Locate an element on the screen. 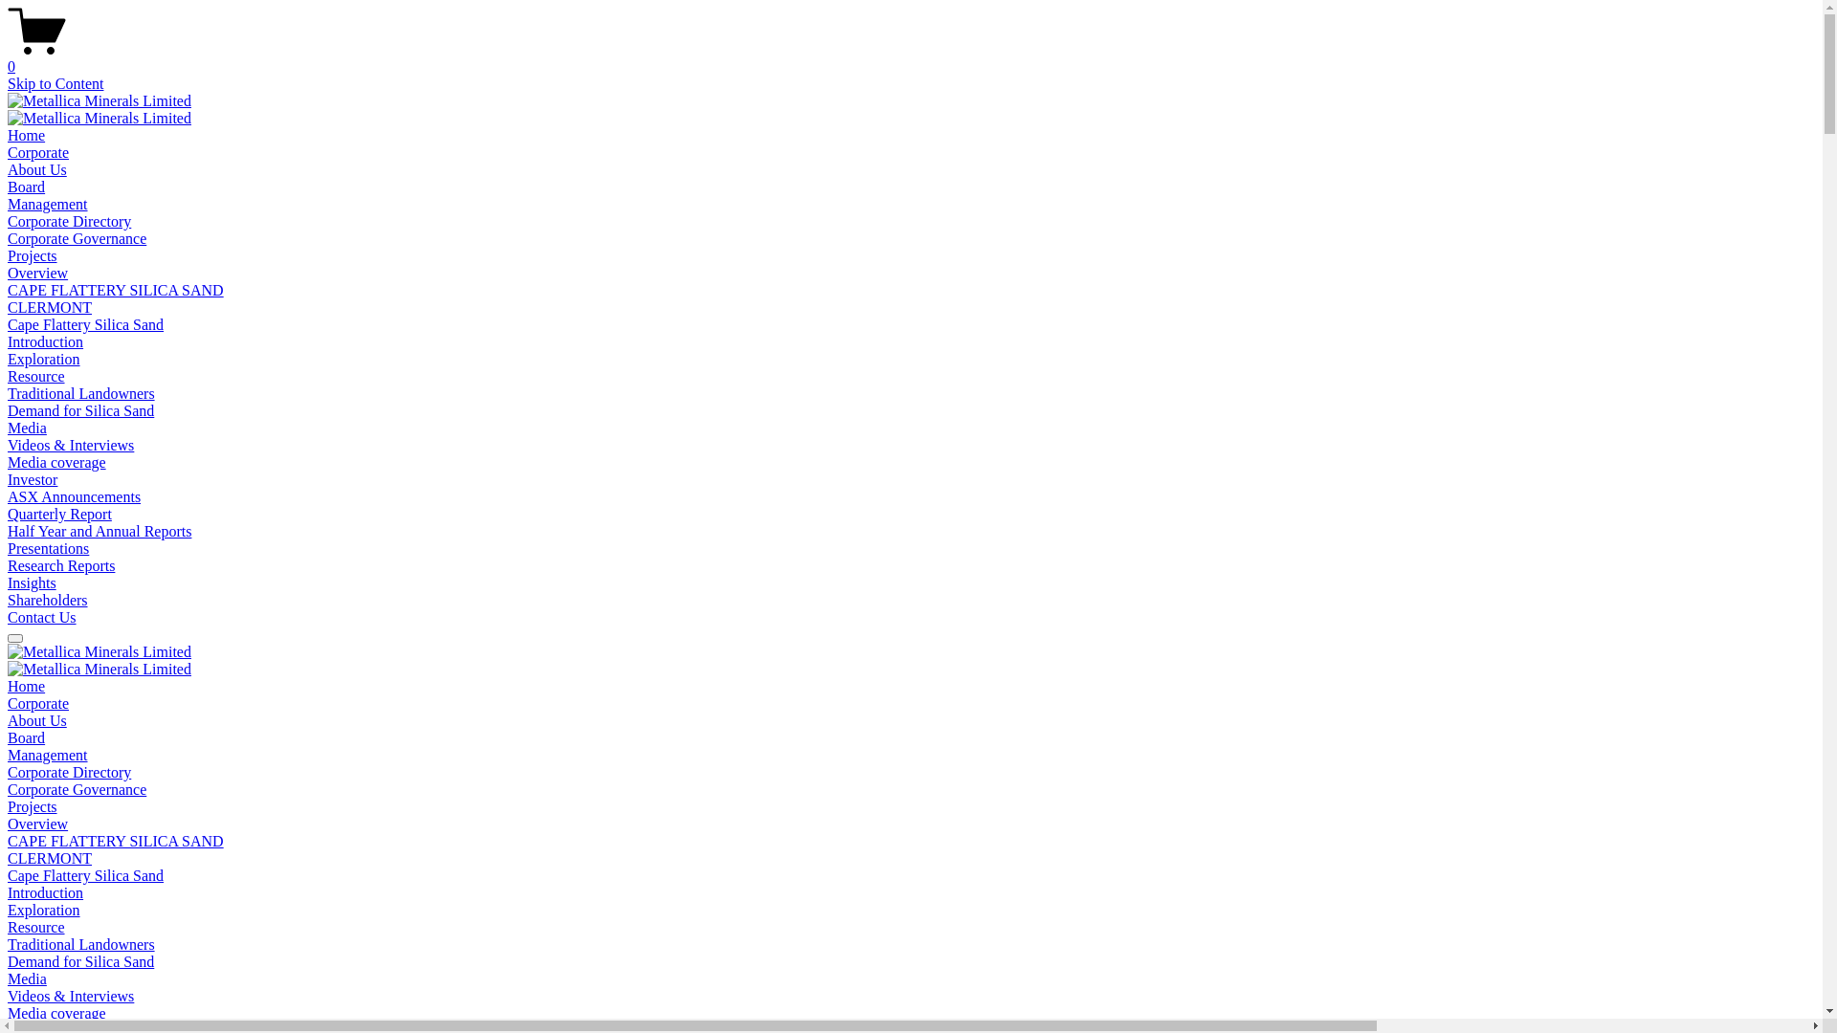 This screenshot has width=1837, height=1033. 'Media coverage' is located at coordinates (56, 462).